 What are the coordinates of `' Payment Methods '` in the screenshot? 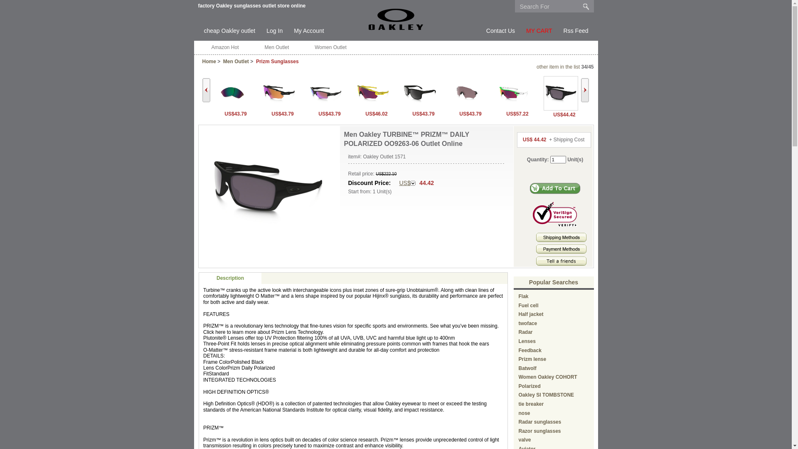 It's located at (561, 248).